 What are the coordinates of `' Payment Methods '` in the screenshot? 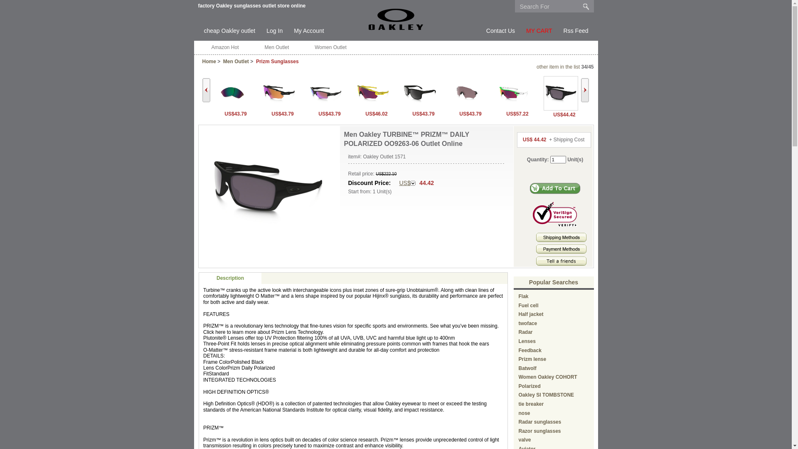 It's located at (561, 248).